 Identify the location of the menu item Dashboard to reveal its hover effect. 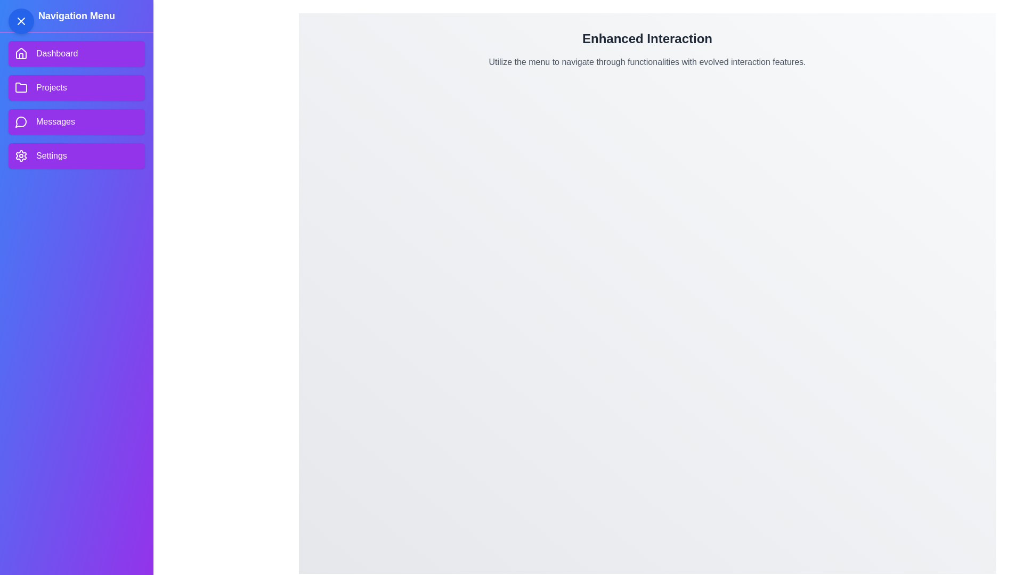
(76, 53).